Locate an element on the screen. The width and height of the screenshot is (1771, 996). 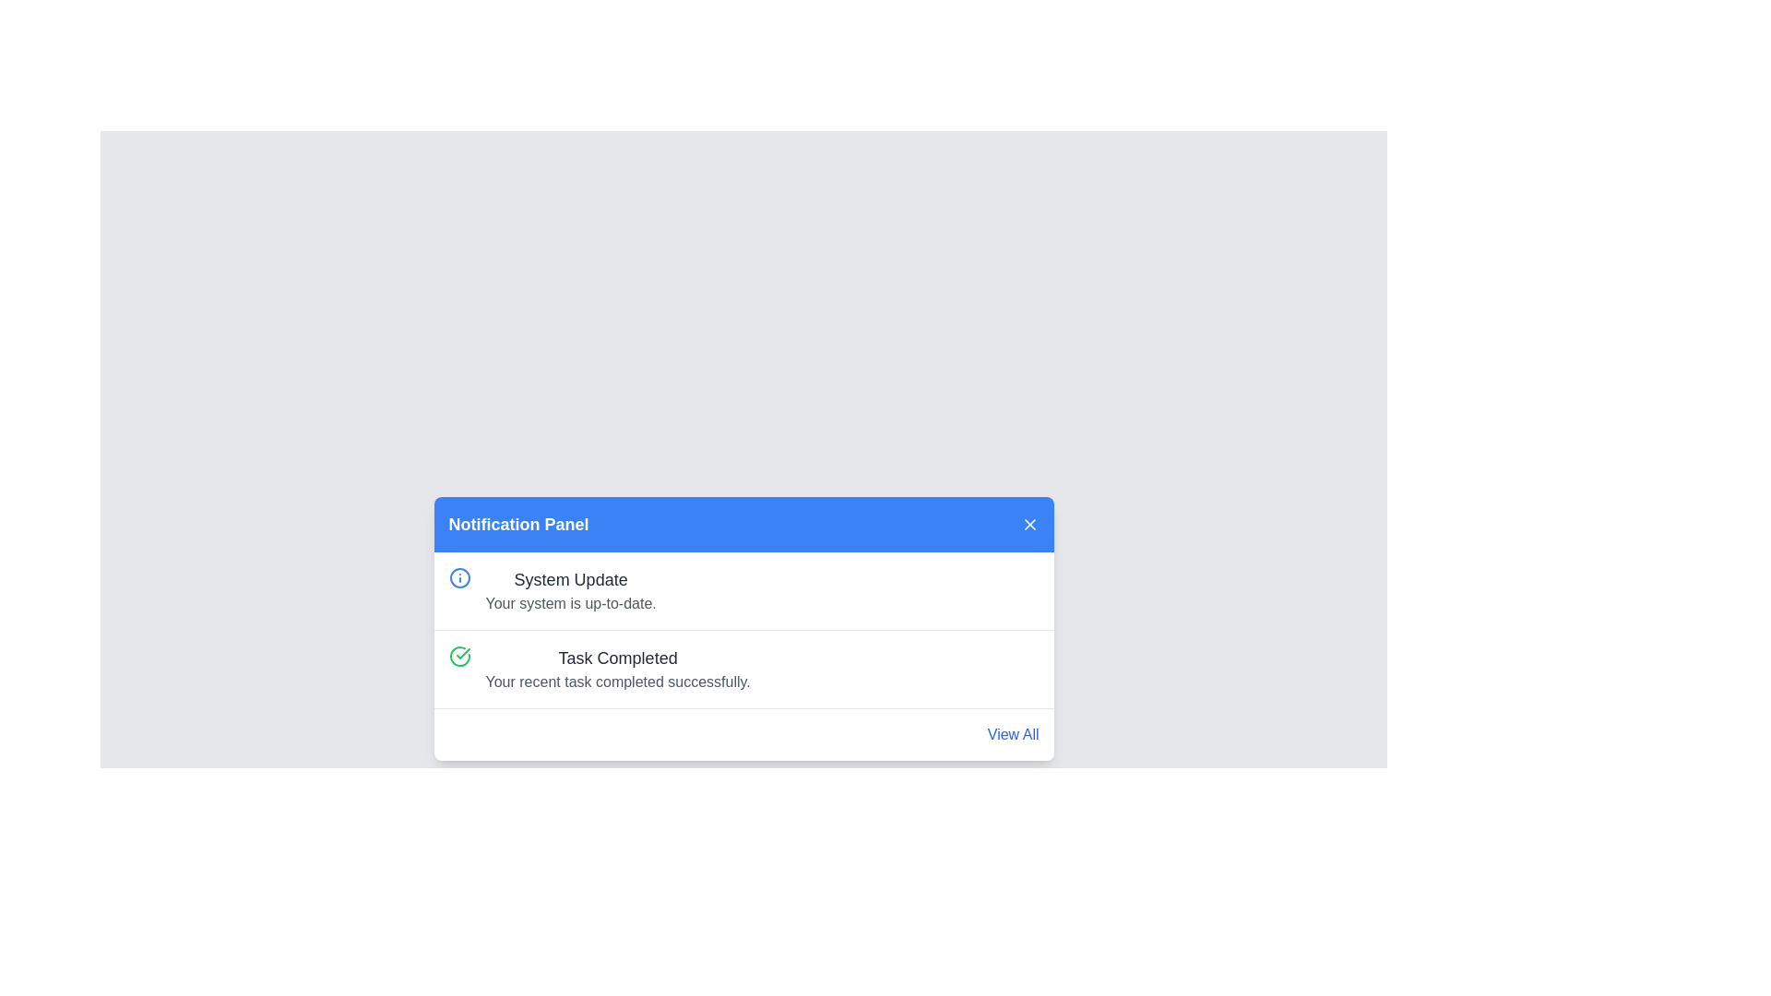
the green circular icon with a checkmark inside, which symbolizes success, located to the left of the 'Task Completed' text in the notification panel is located at coordinates (459, 656).